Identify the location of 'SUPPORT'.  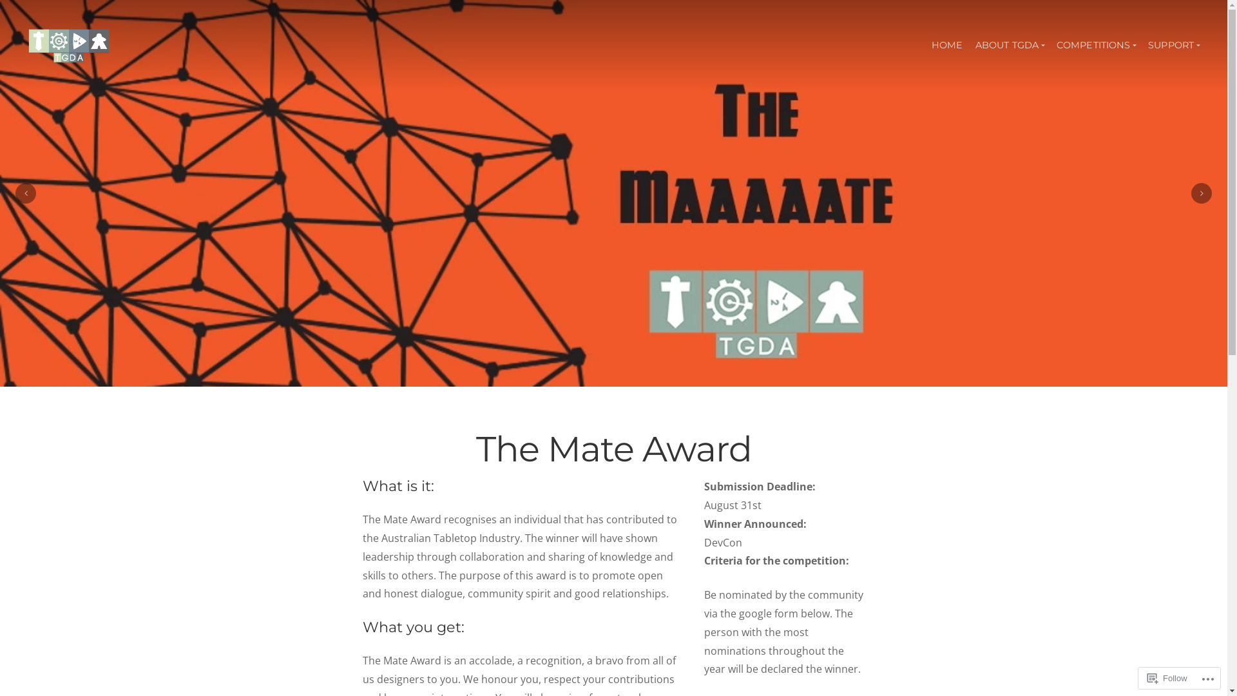
(1173, 44).